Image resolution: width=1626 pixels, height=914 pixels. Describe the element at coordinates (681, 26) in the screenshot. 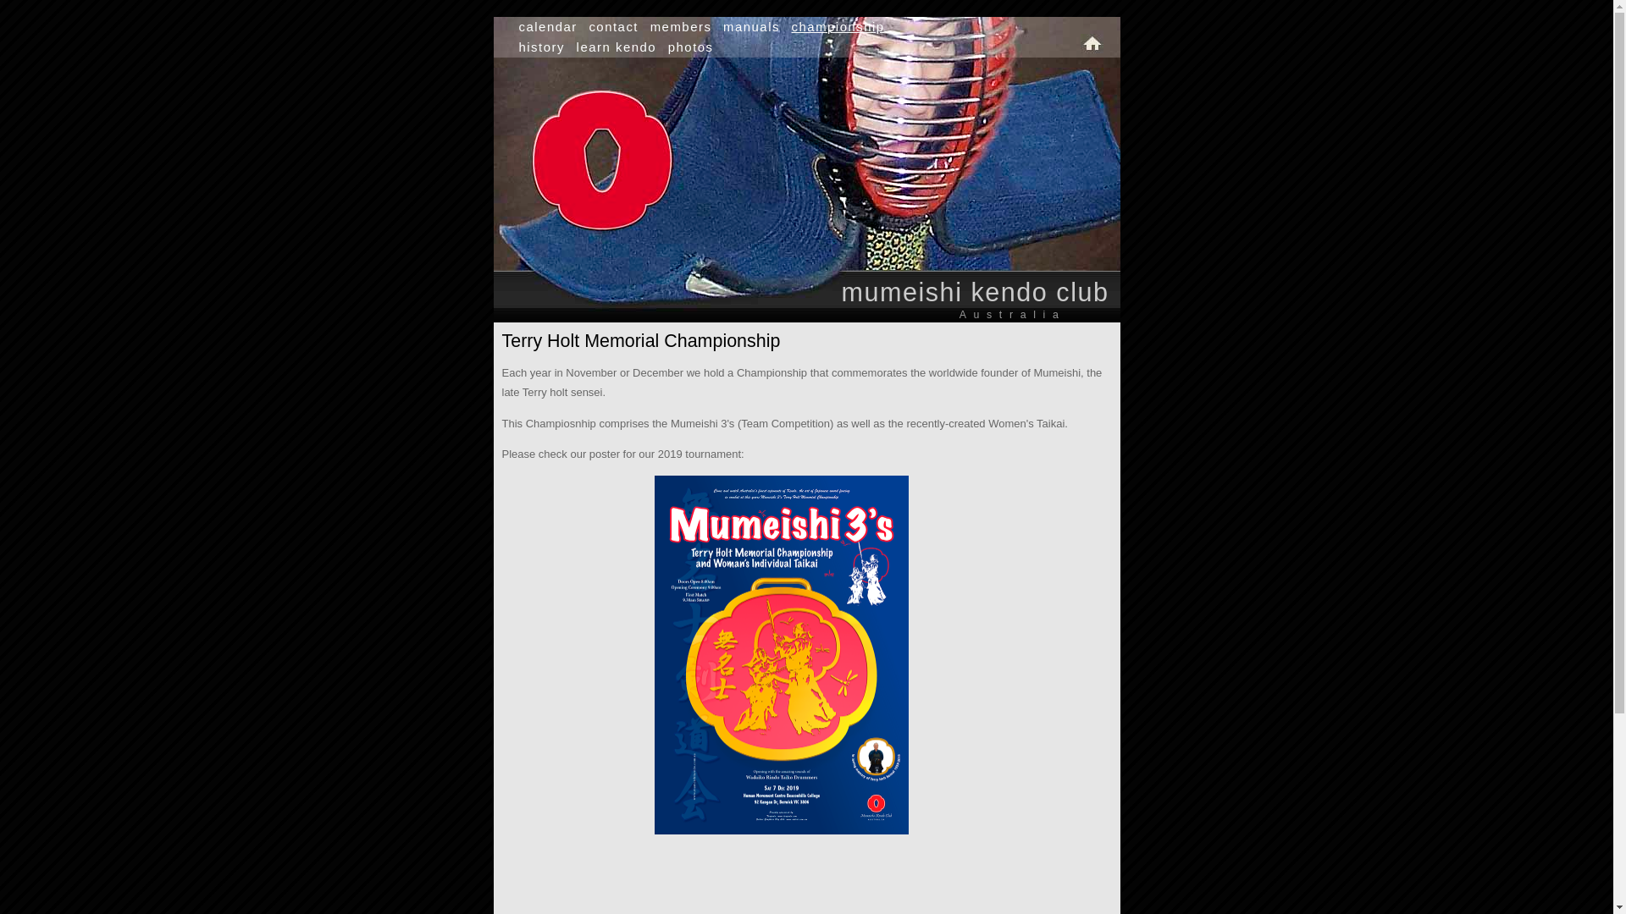

I see `'members'` at that location.